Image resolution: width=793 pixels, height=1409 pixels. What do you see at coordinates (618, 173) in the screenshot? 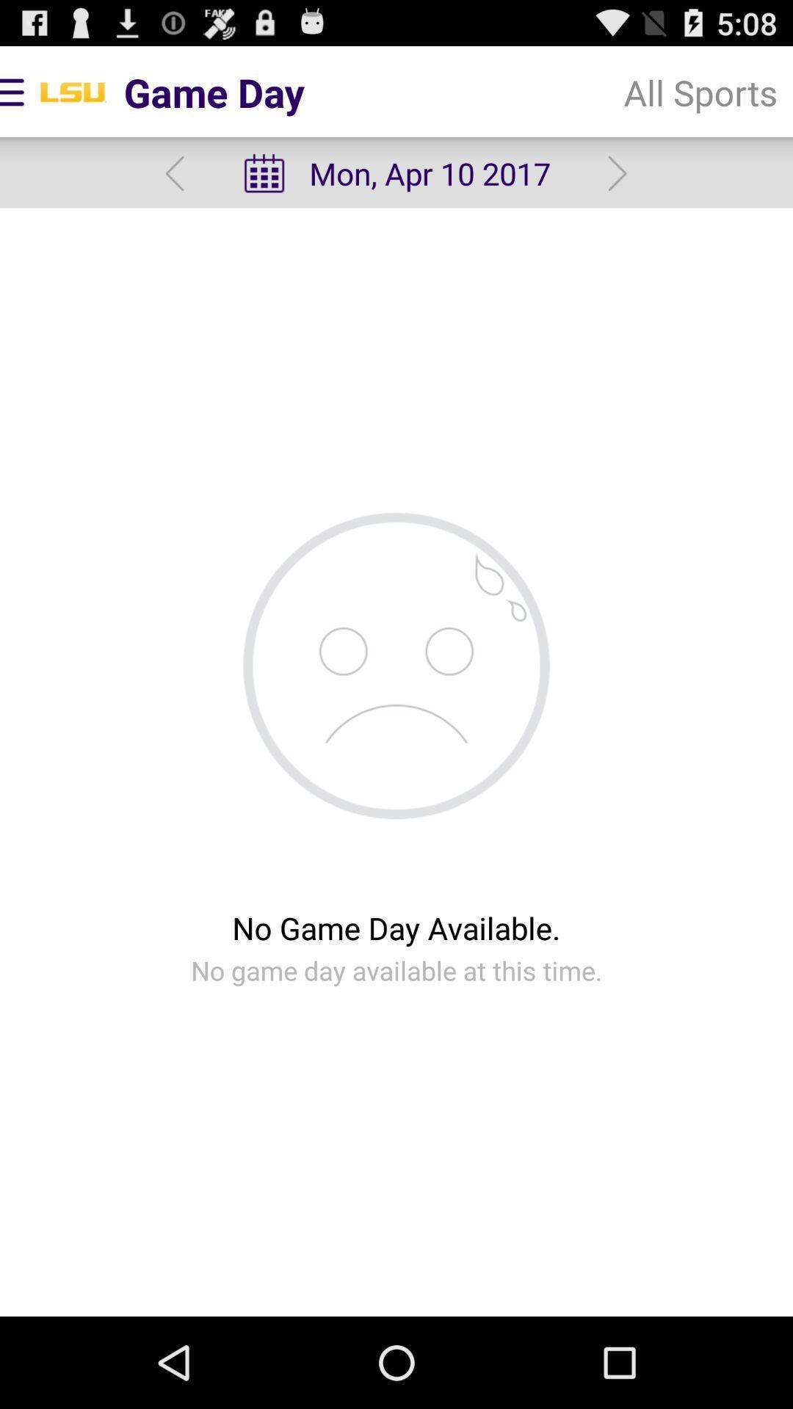
I see `the icon to the right of the mon apr 10 app` at bounding box center [618, 173].